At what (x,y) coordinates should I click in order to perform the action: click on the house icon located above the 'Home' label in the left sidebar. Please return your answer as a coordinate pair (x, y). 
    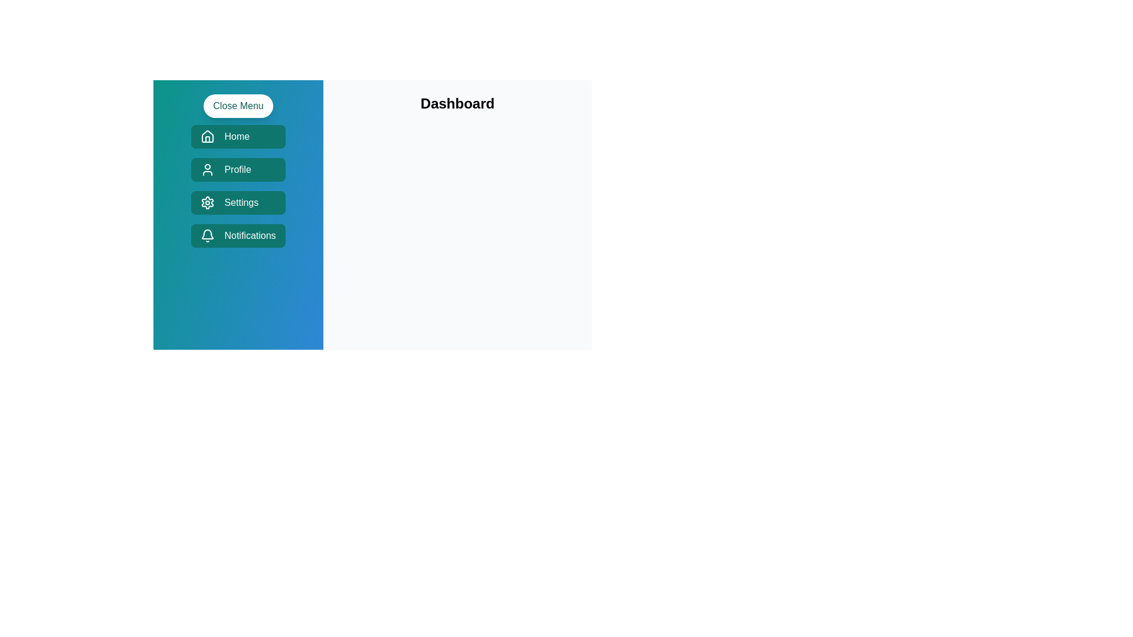
    Looking at the image, I should click on (208, 136).